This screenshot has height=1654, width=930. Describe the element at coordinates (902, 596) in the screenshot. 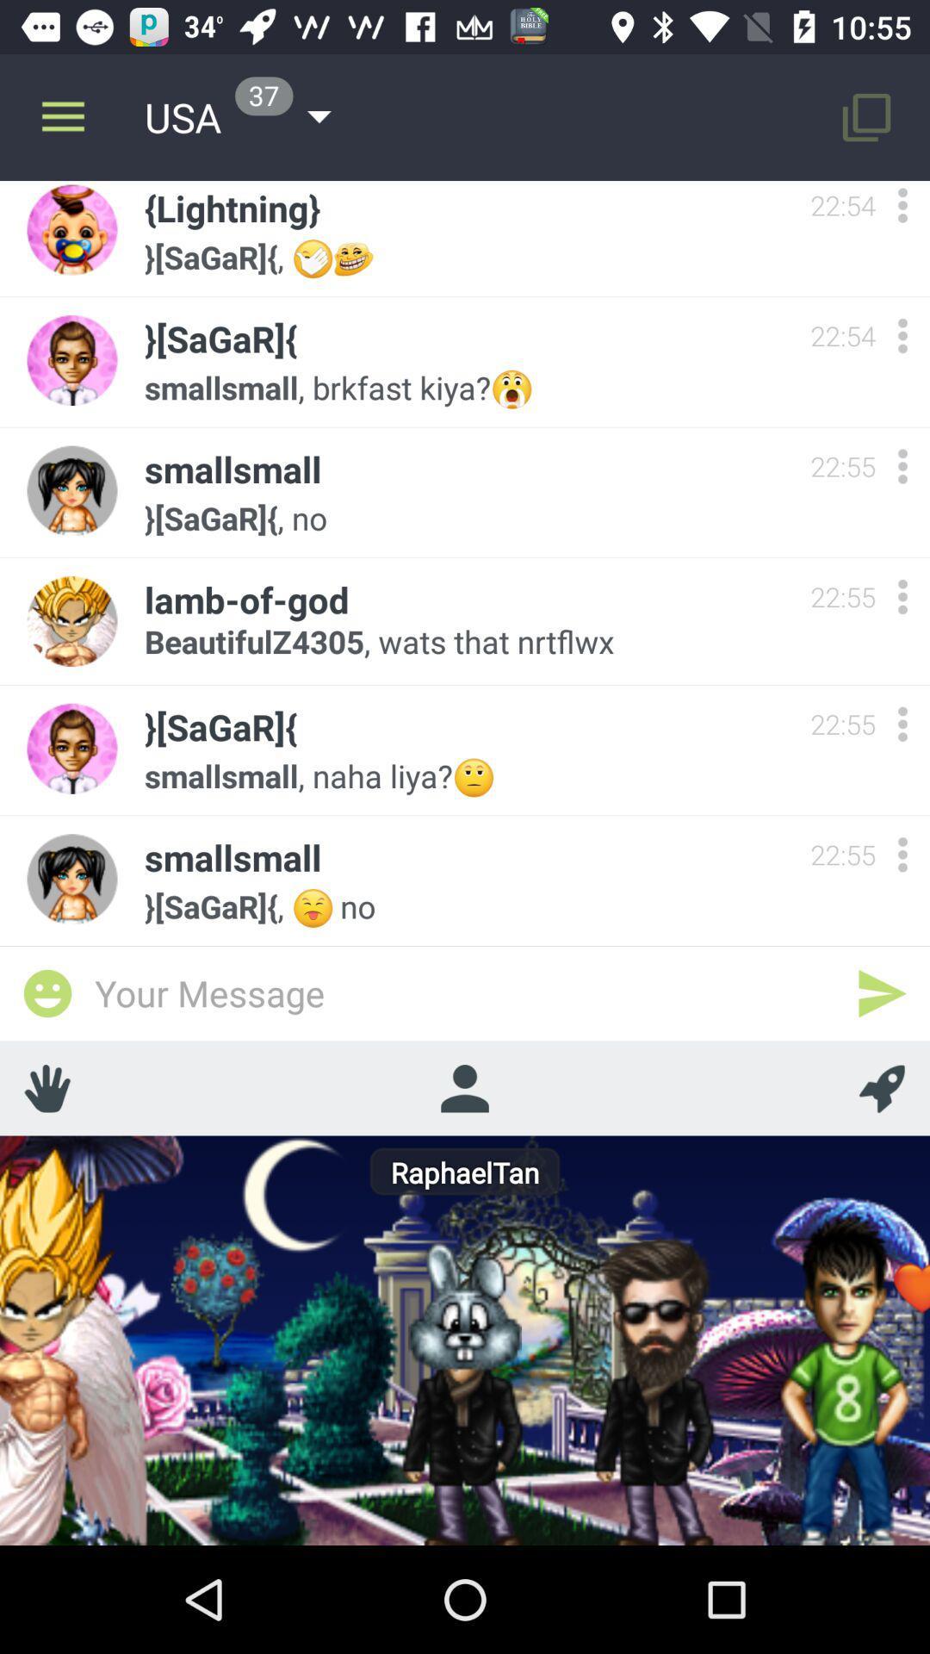

I see `the more icon` at that location.